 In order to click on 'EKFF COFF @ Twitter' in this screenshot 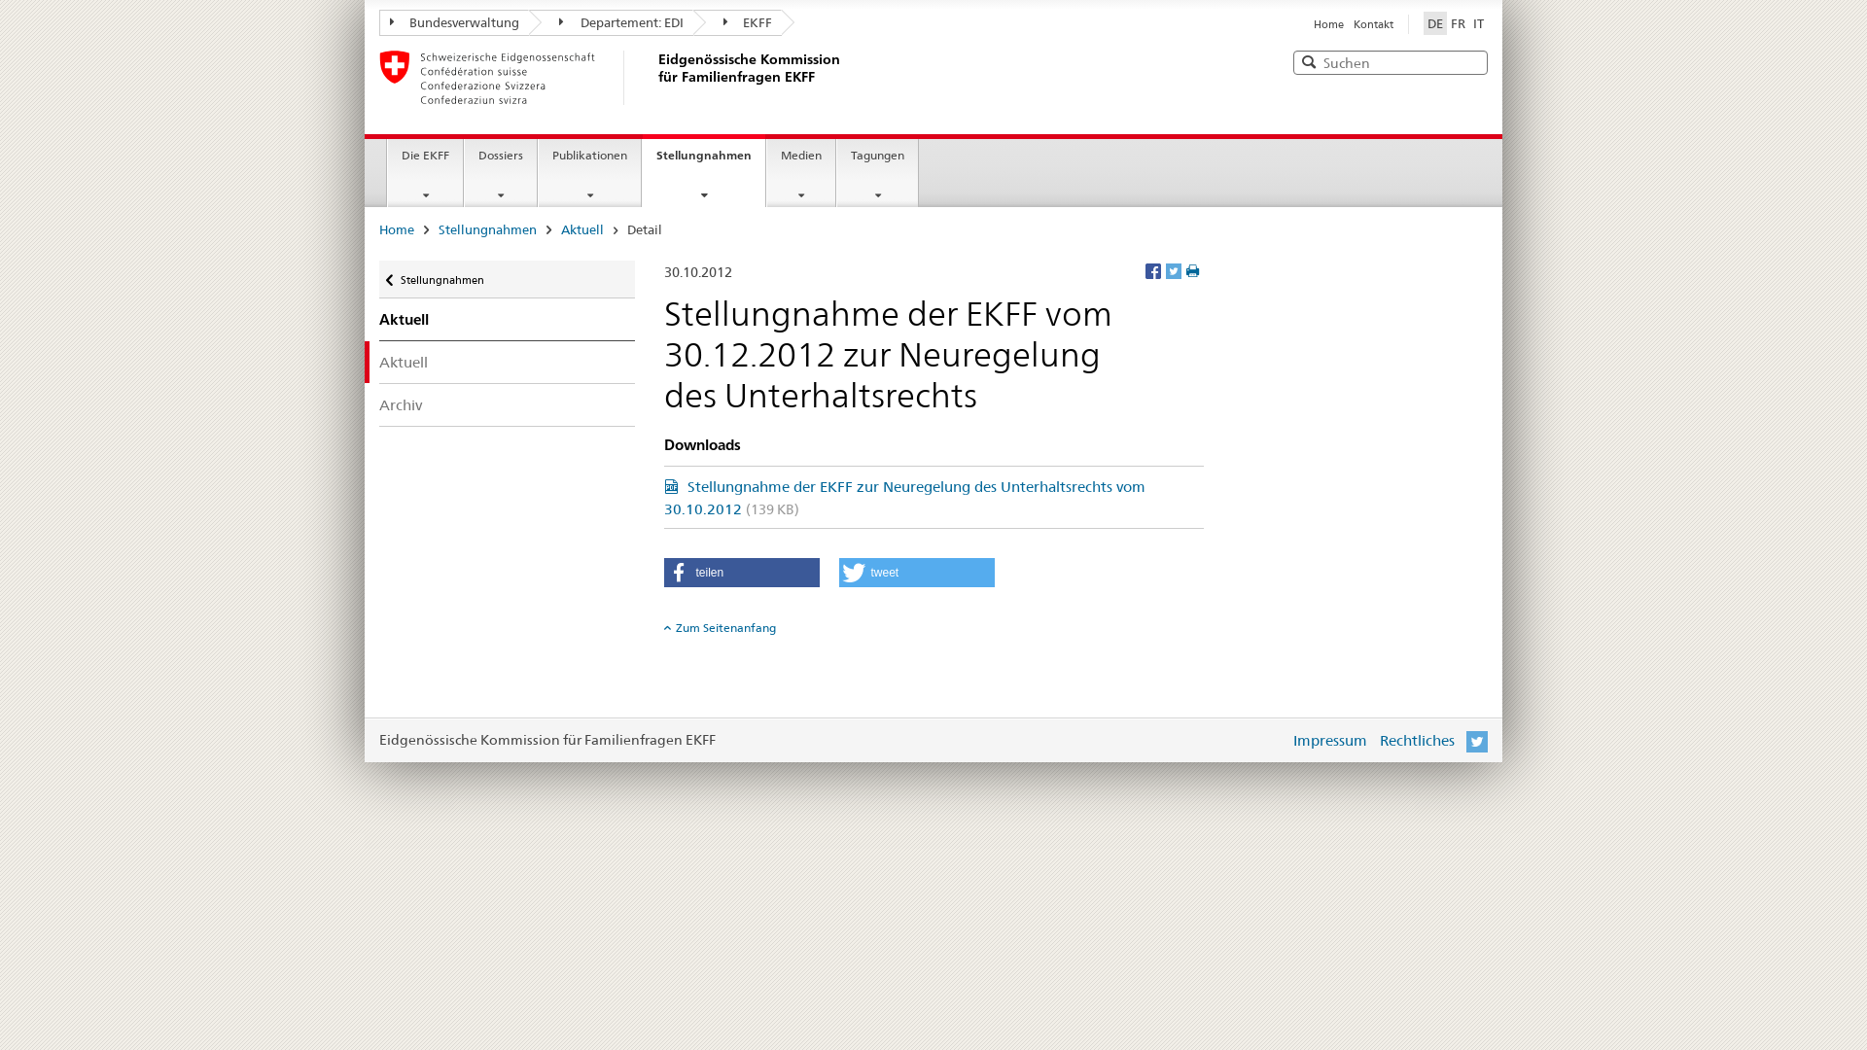, I will do `click(1465, 740)`.